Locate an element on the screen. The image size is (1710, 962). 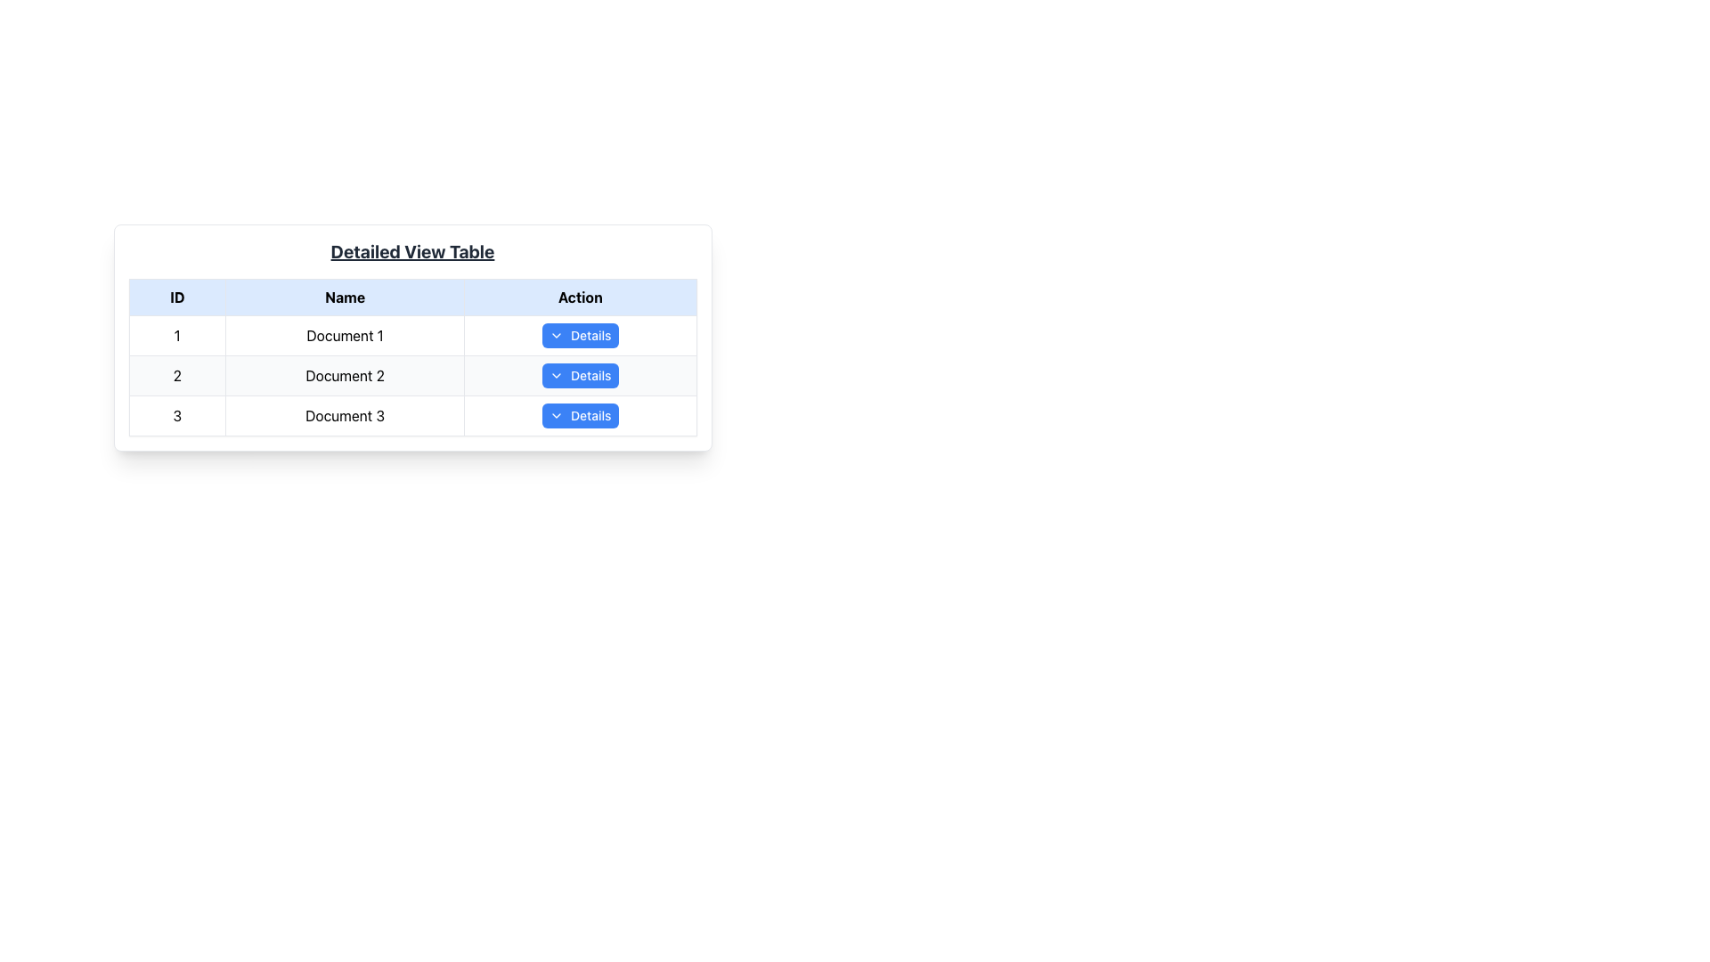
the first table cell in the row associated with 'Document 3' in the 'Detailed View Table' is located at coordinates (177, 415).